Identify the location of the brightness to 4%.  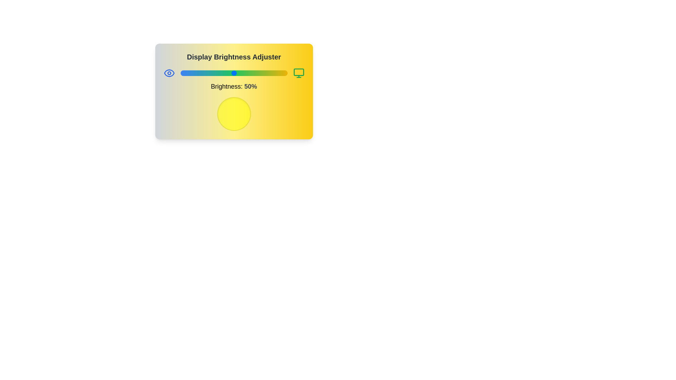
(184, 73).